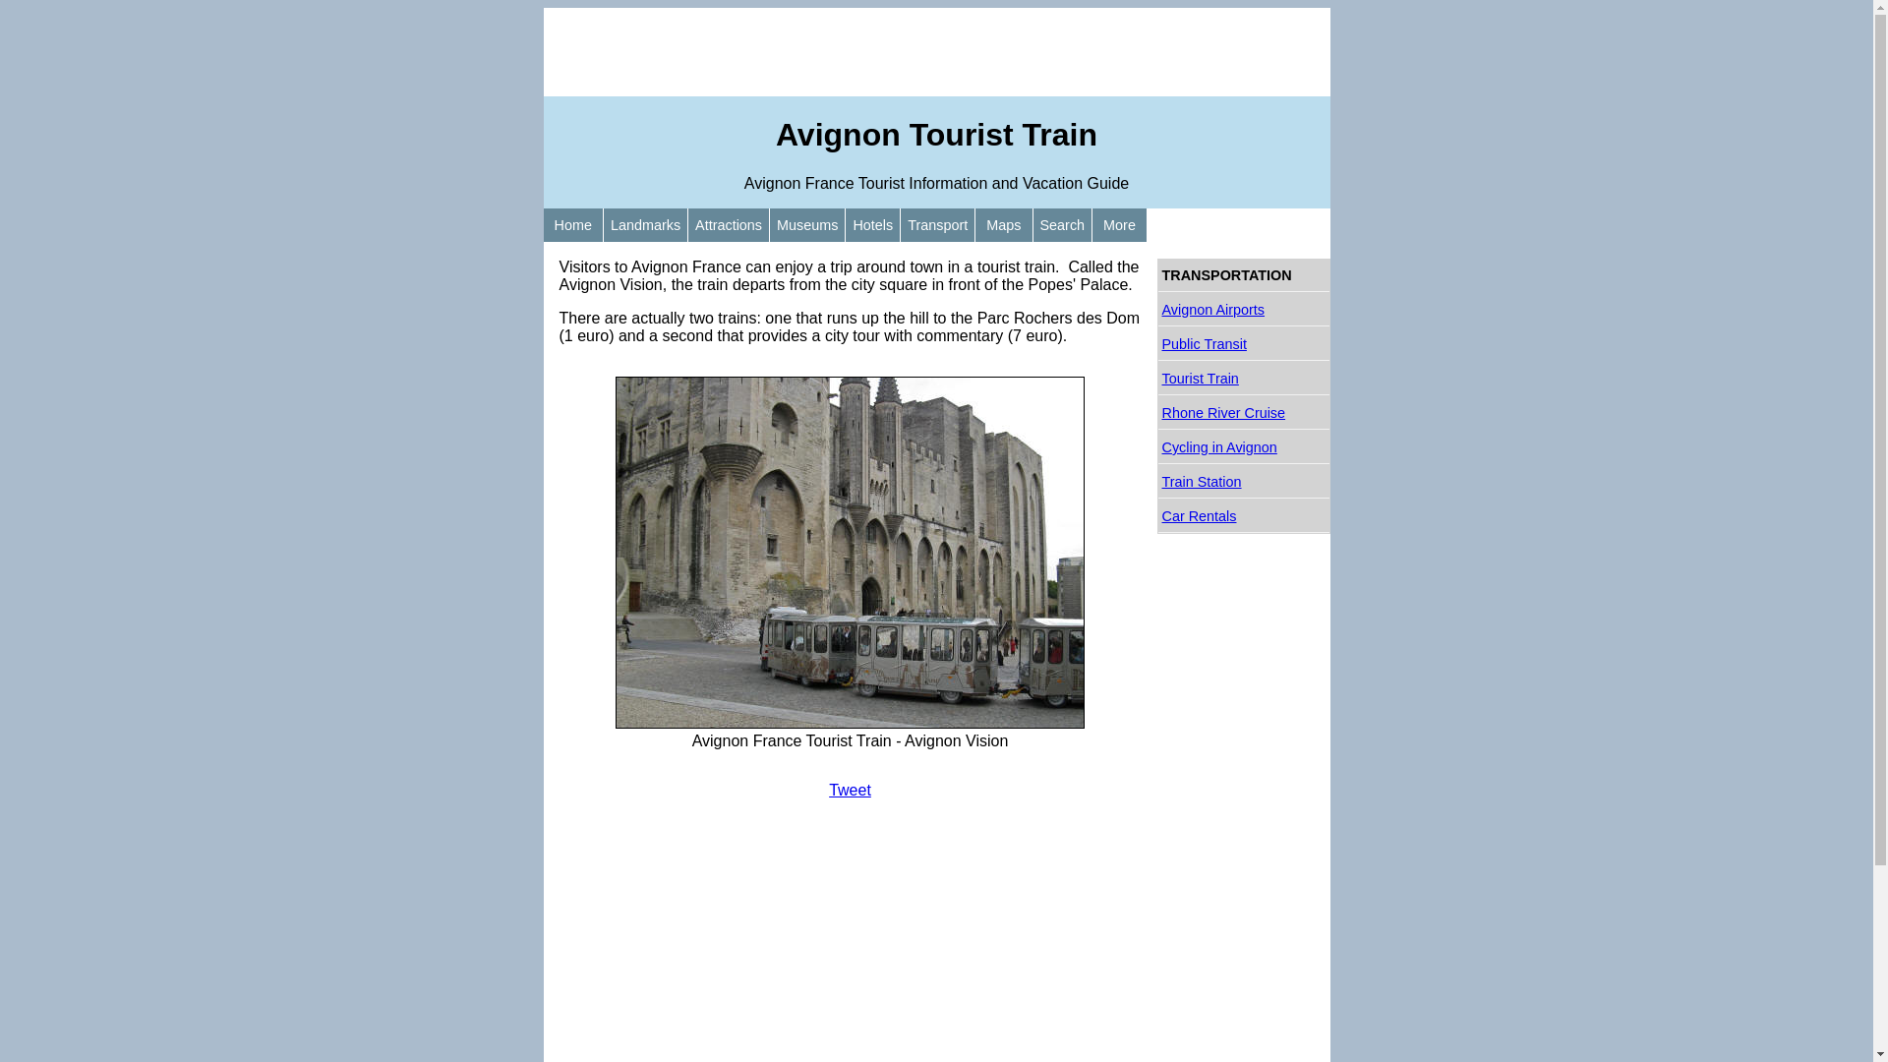  What do you see at coordinates (829, 789) in the screenshot?
I see `'Tweet'` at bounding box center [829, 789].